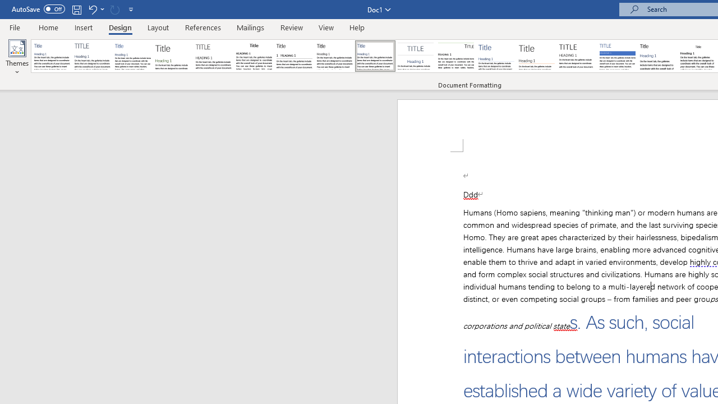  I want to click on 'Lines (Simple)', so click(496, 56).